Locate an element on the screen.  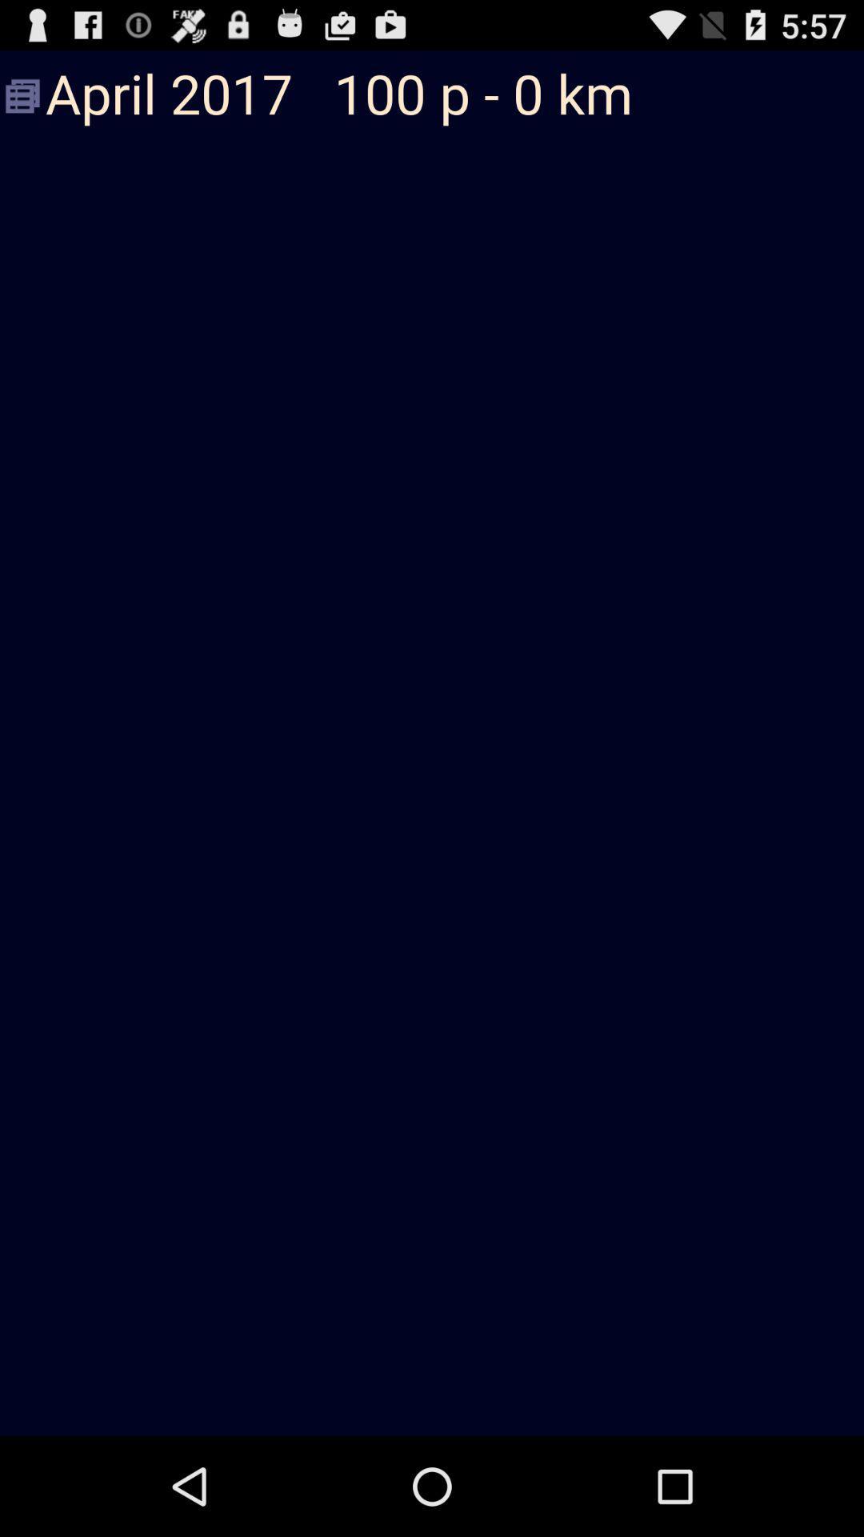
april 2017 100 at the top is located at coordinates (432, 95).